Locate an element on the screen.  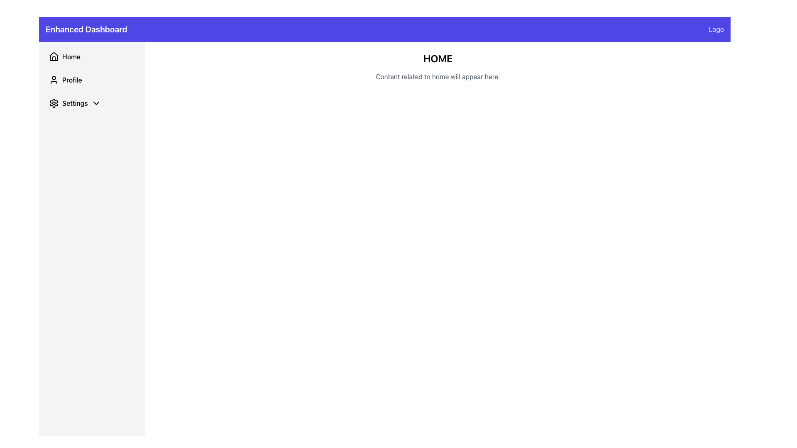
the 'Home' icon located in the top-left corner of the sidebar menu is located at coordinates (53, 56).